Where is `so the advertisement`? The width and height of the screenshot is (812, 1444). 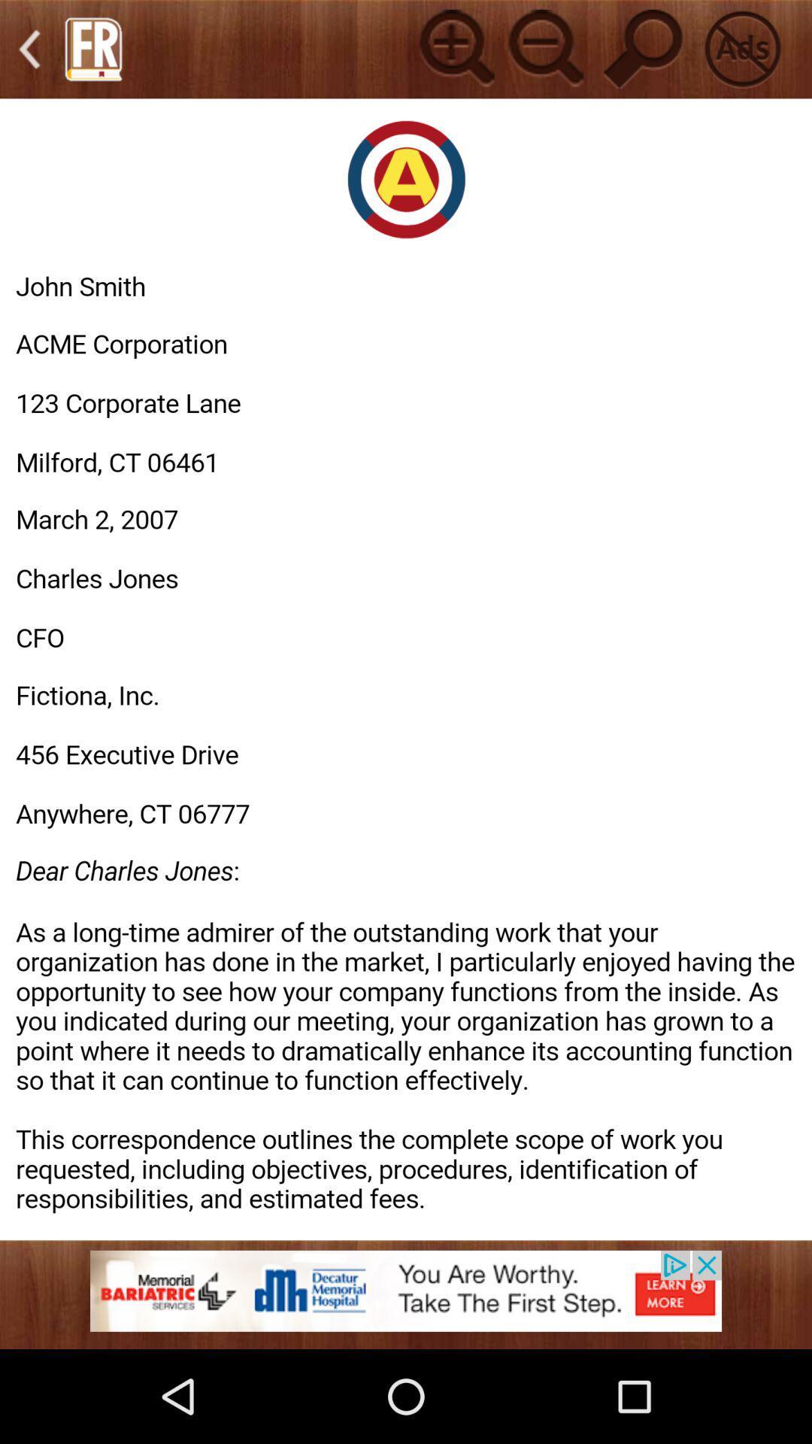
so the advertisement is located at coordinates (406, 1299).